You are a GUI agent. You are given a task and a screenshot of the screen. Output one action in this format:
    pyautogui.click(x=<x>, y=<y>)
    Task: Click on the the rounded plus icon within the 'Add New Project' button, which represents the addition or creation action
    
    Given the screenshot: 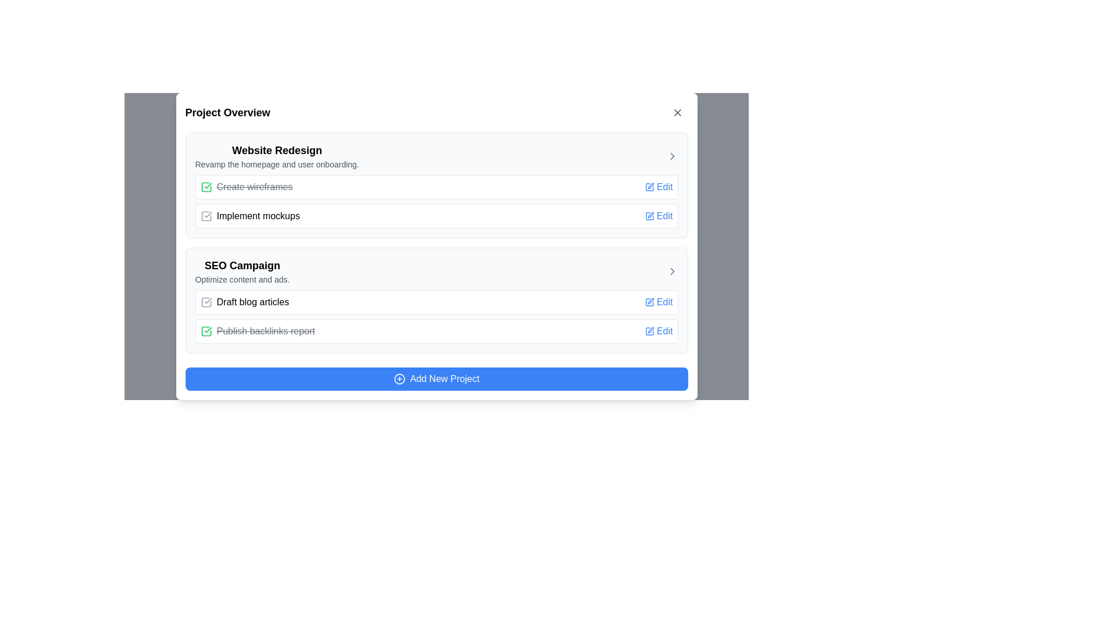 What is the action you would take?
    pyautogui.click(x=399, y=379)
    